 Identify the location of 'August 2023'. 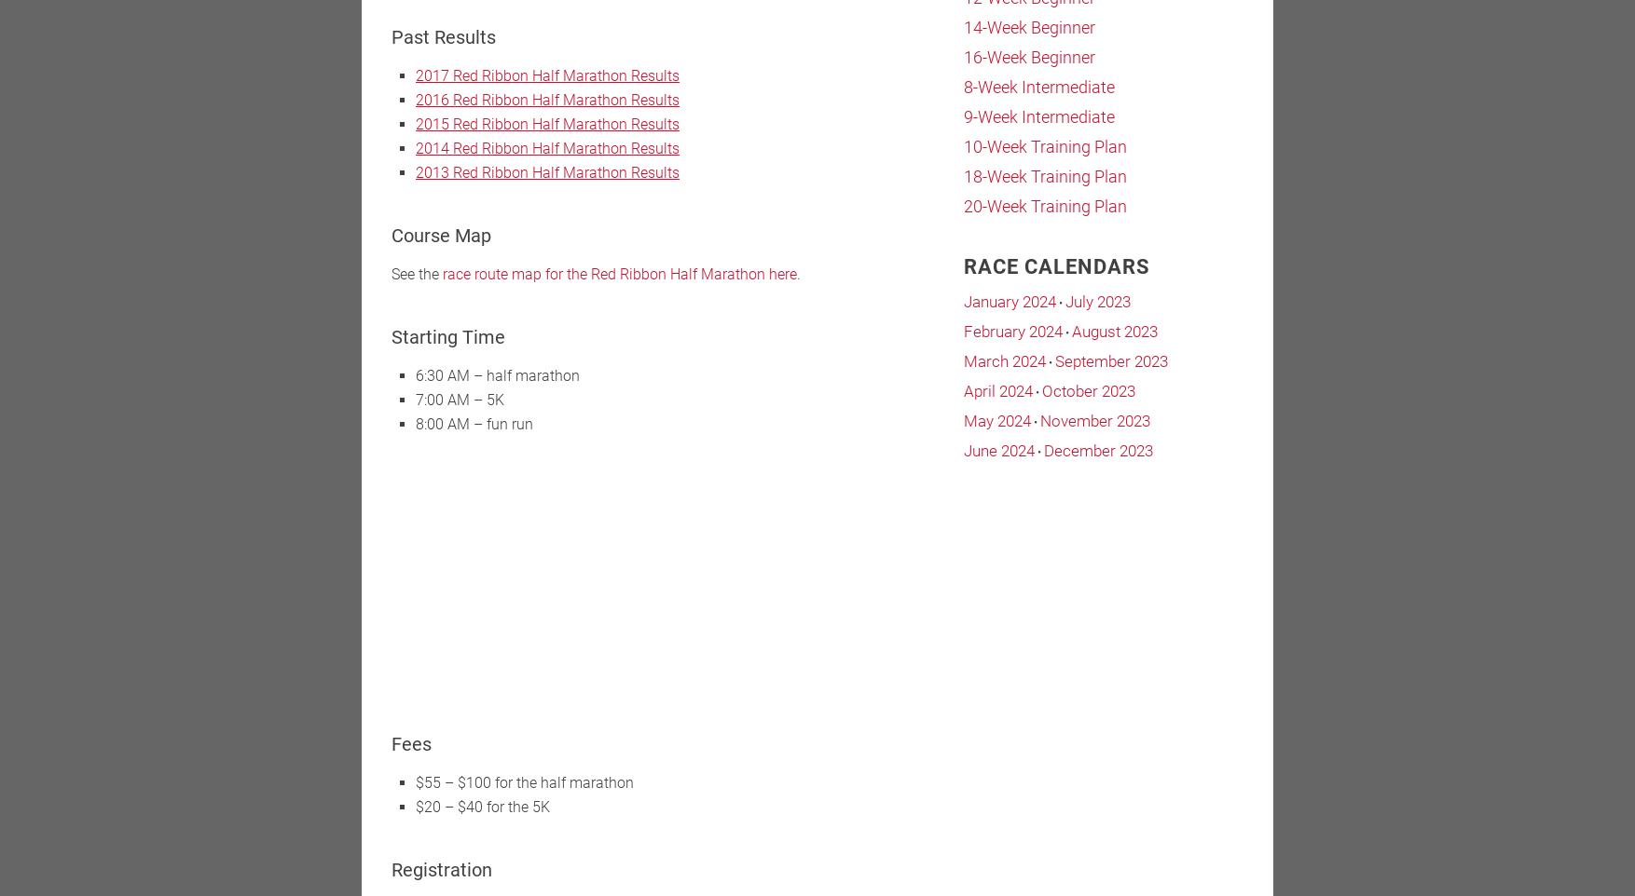
(1114, 332).